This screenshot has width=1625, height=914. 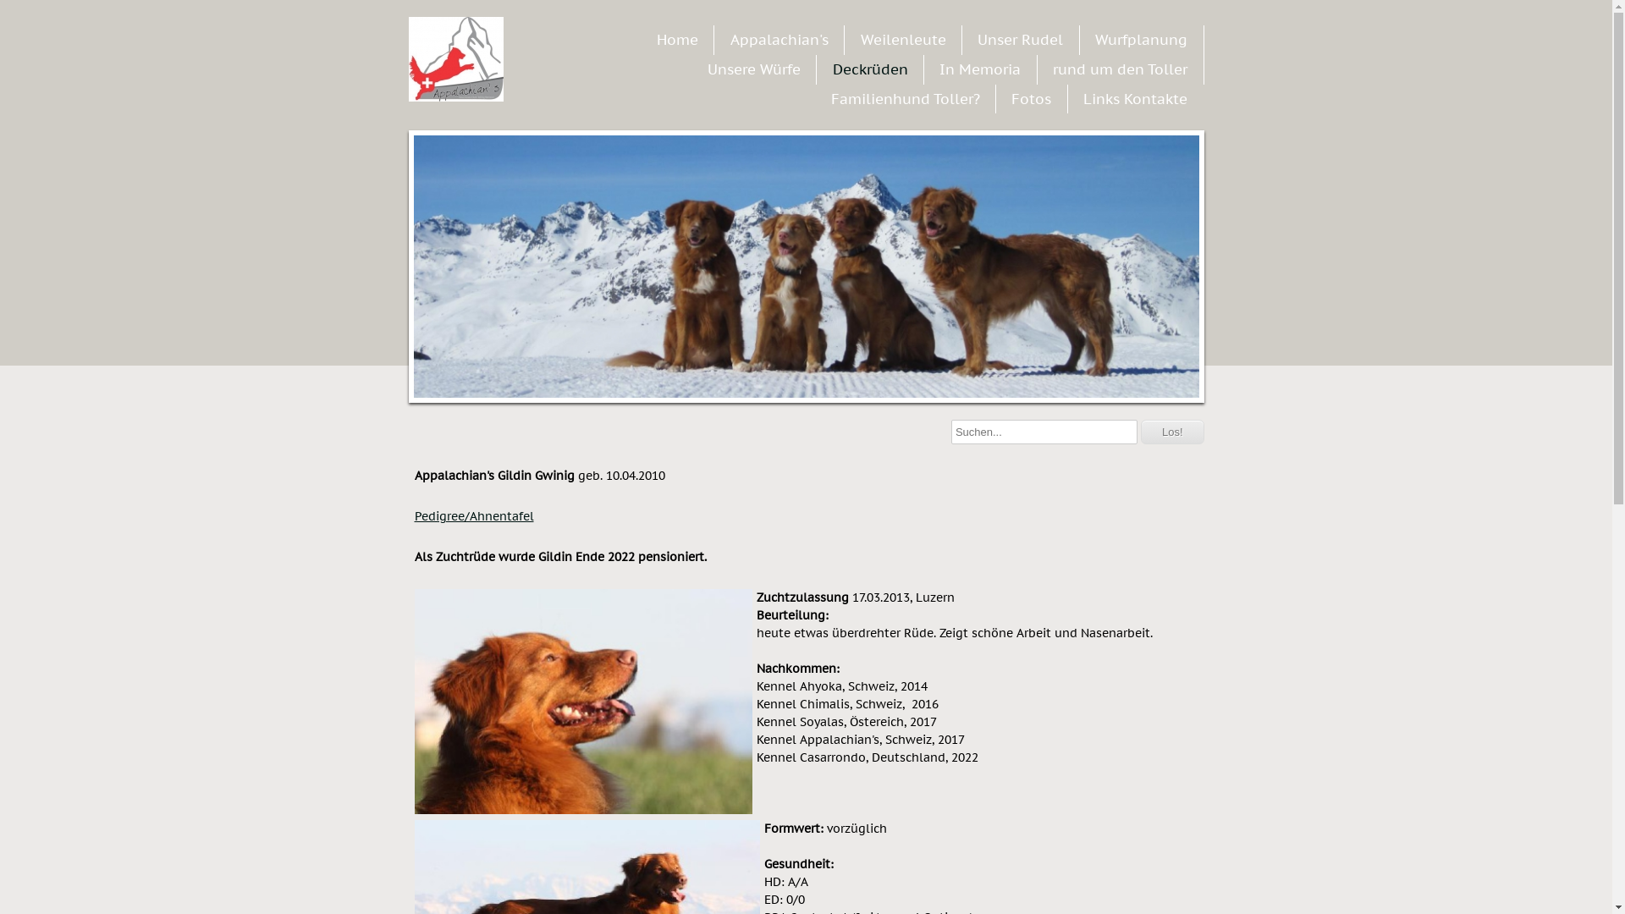 What do you see at coordinates (979, 68) in the screenshot?
I see `'In Memoria'` at bounding box center [979, 68].